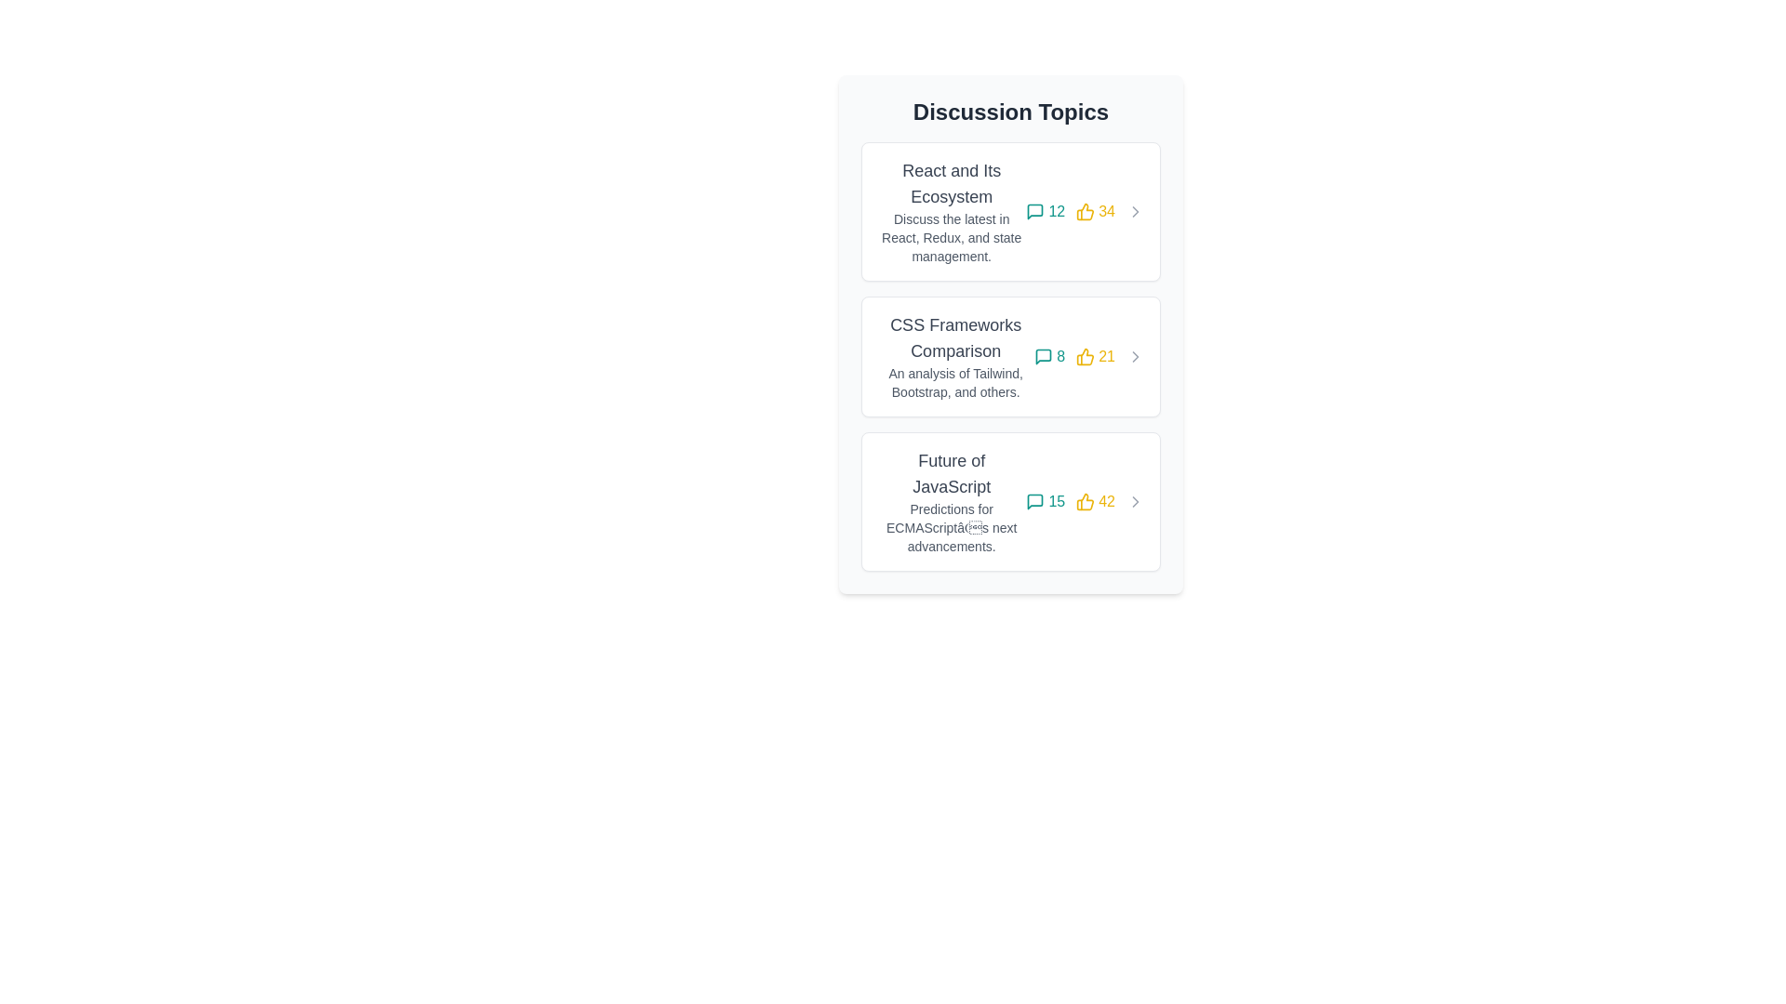 The image size is (1786, 1004). Describe the element at coordinates (1057, 502) in the screenshot. I see `the static text label displaying the number '15', which is styled in teal and positioned next to a speech bubble icon in the bottom section of the last discussion topic card` at that location.